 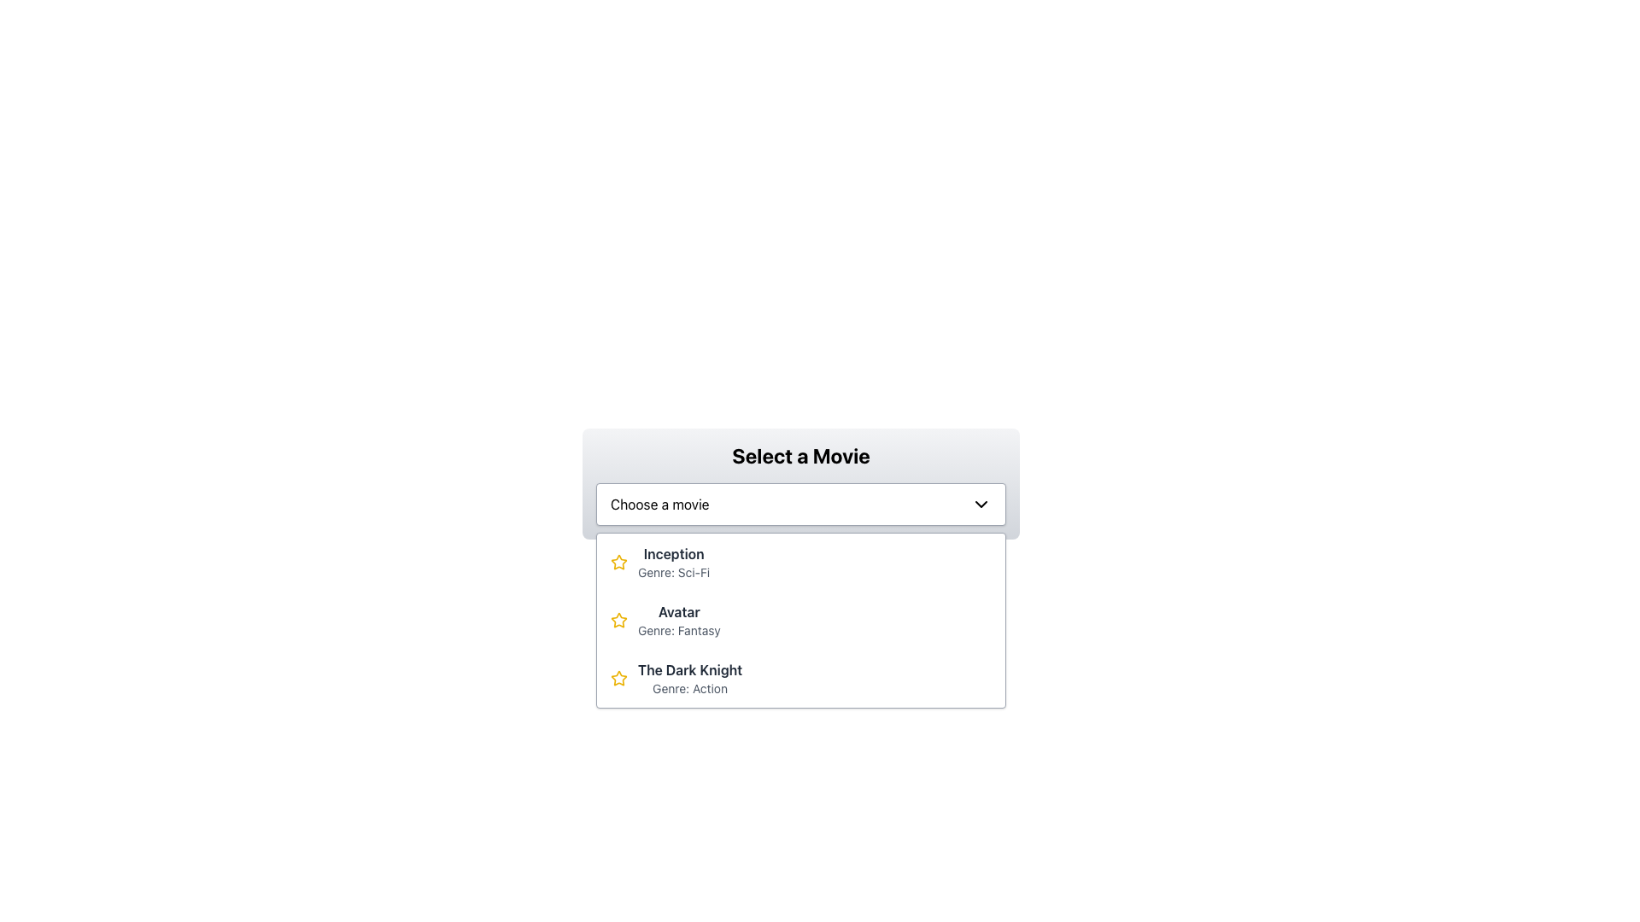 I want to click on the Dropdown list item labeled 'Avatar' which is the second item in the list, so click(x=799, y=620).